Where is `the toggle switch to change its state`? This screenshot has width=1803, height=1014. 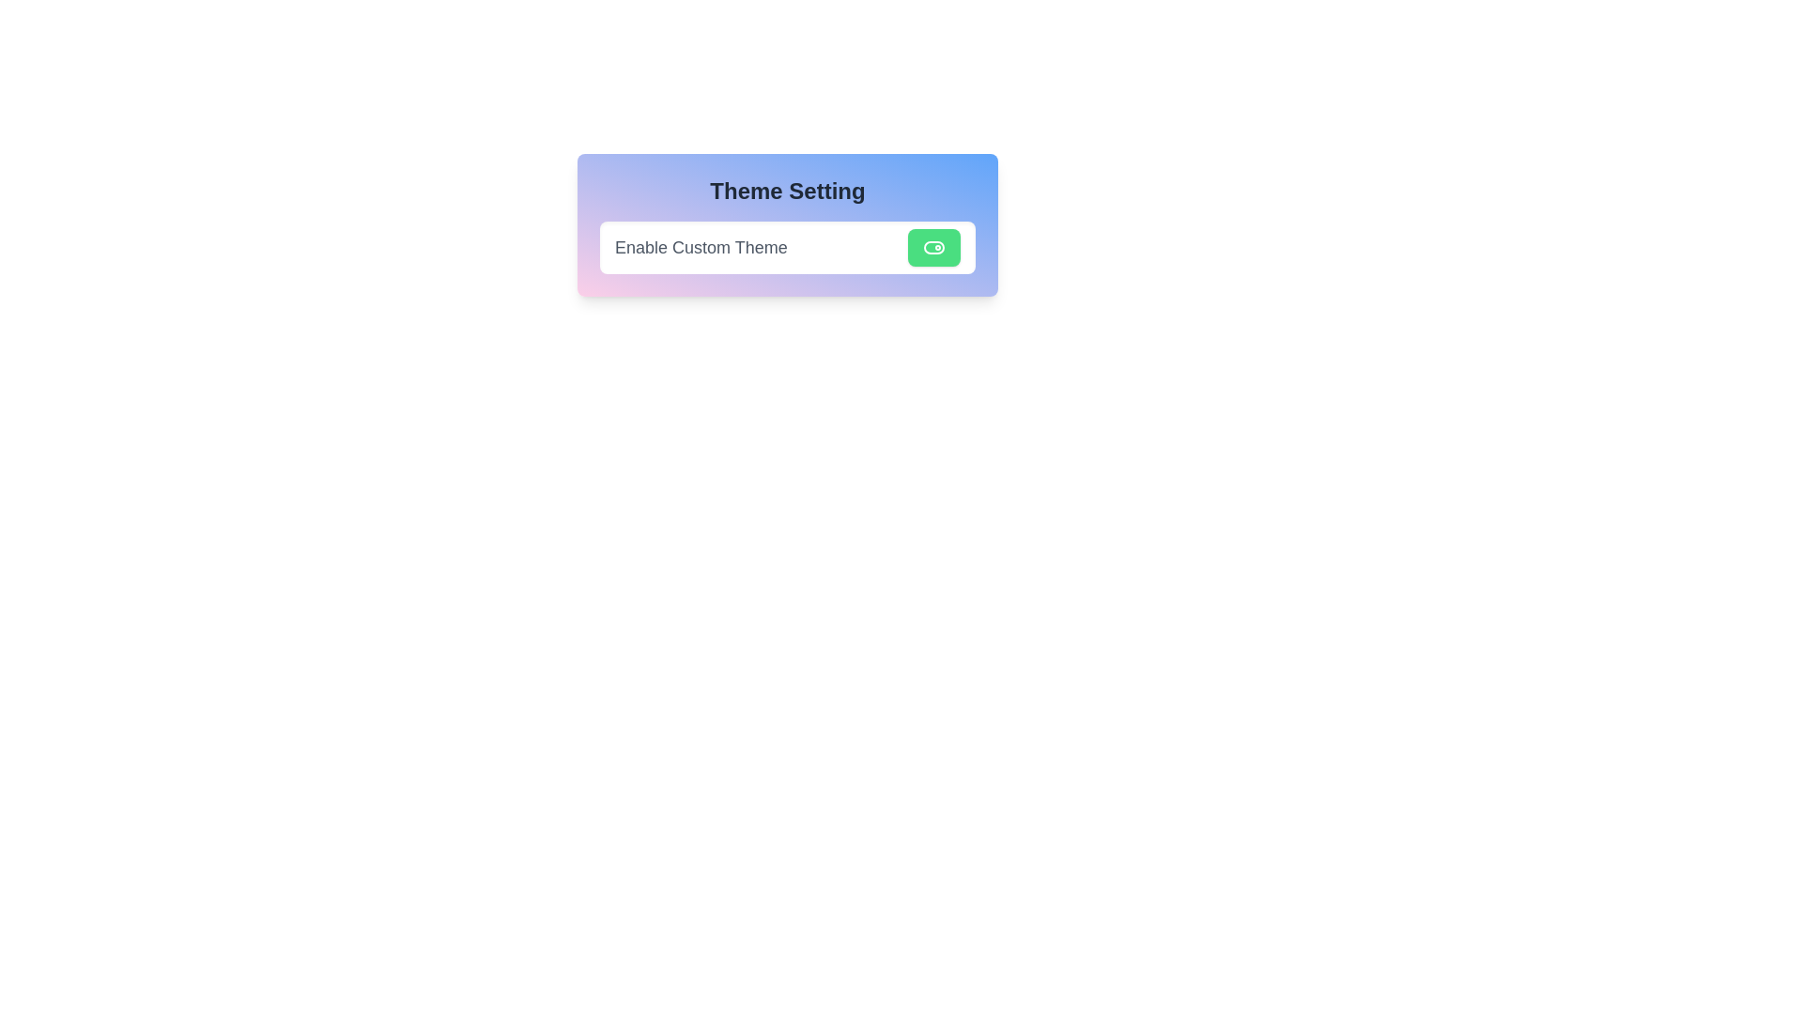 the toggle switch to change its state is located at coordinates (933, 246).